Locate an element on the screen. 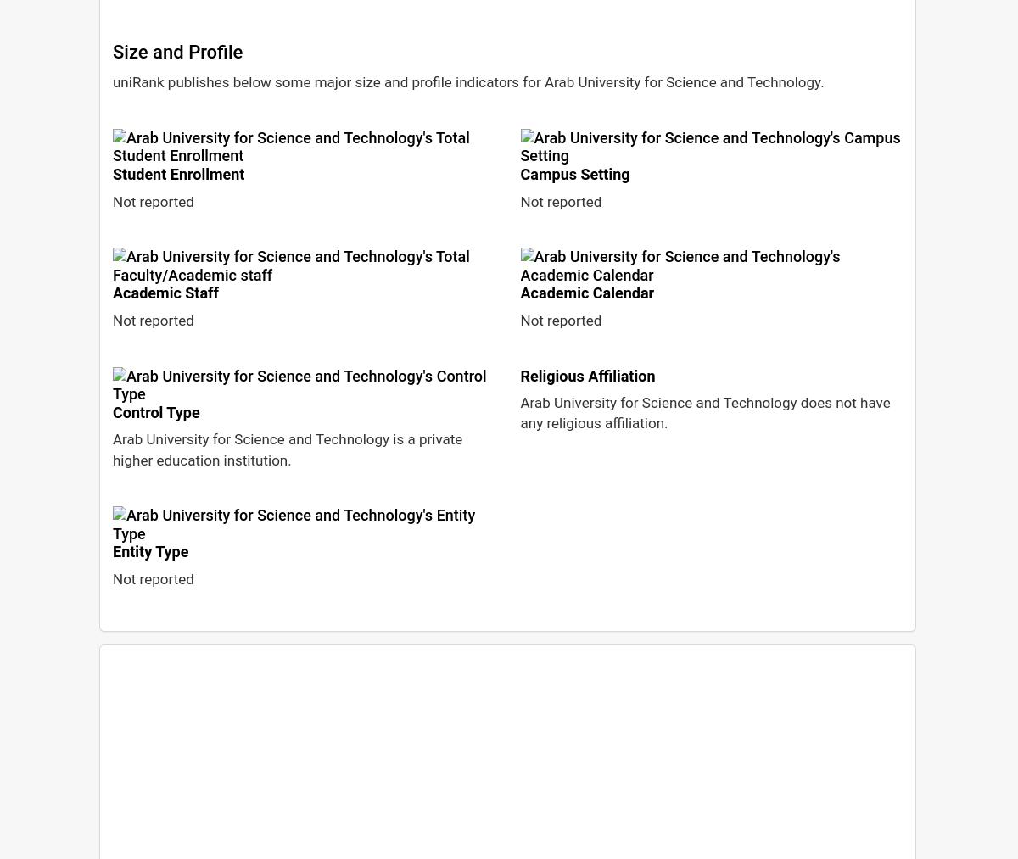  'Academic Calendar' is located at coordinates (587, 293).